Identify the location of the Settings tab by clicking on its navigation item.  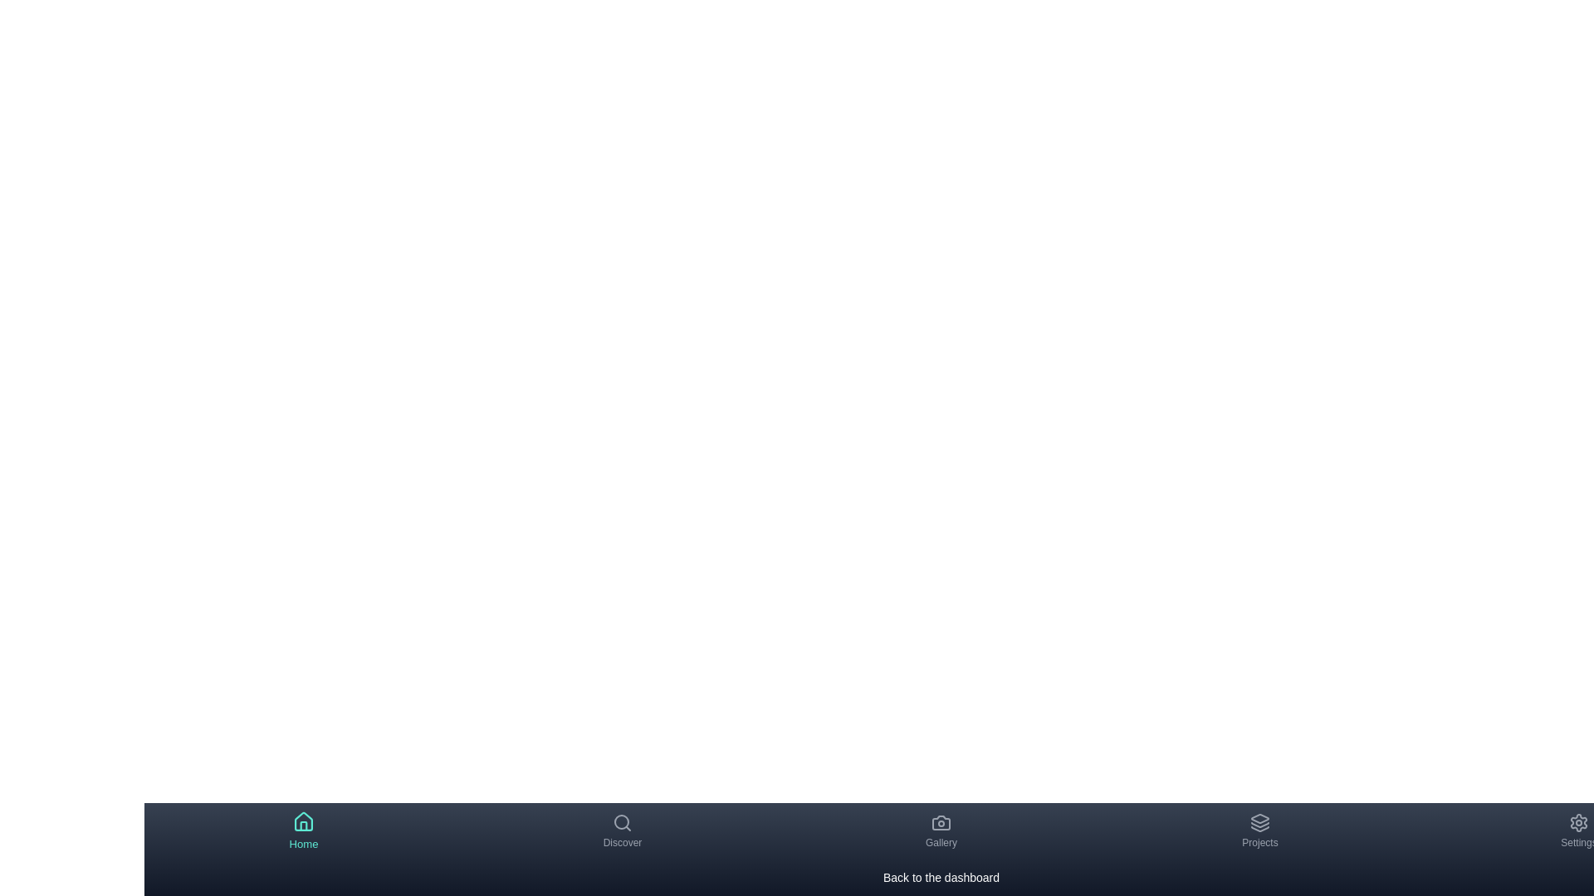
(1577, 831).